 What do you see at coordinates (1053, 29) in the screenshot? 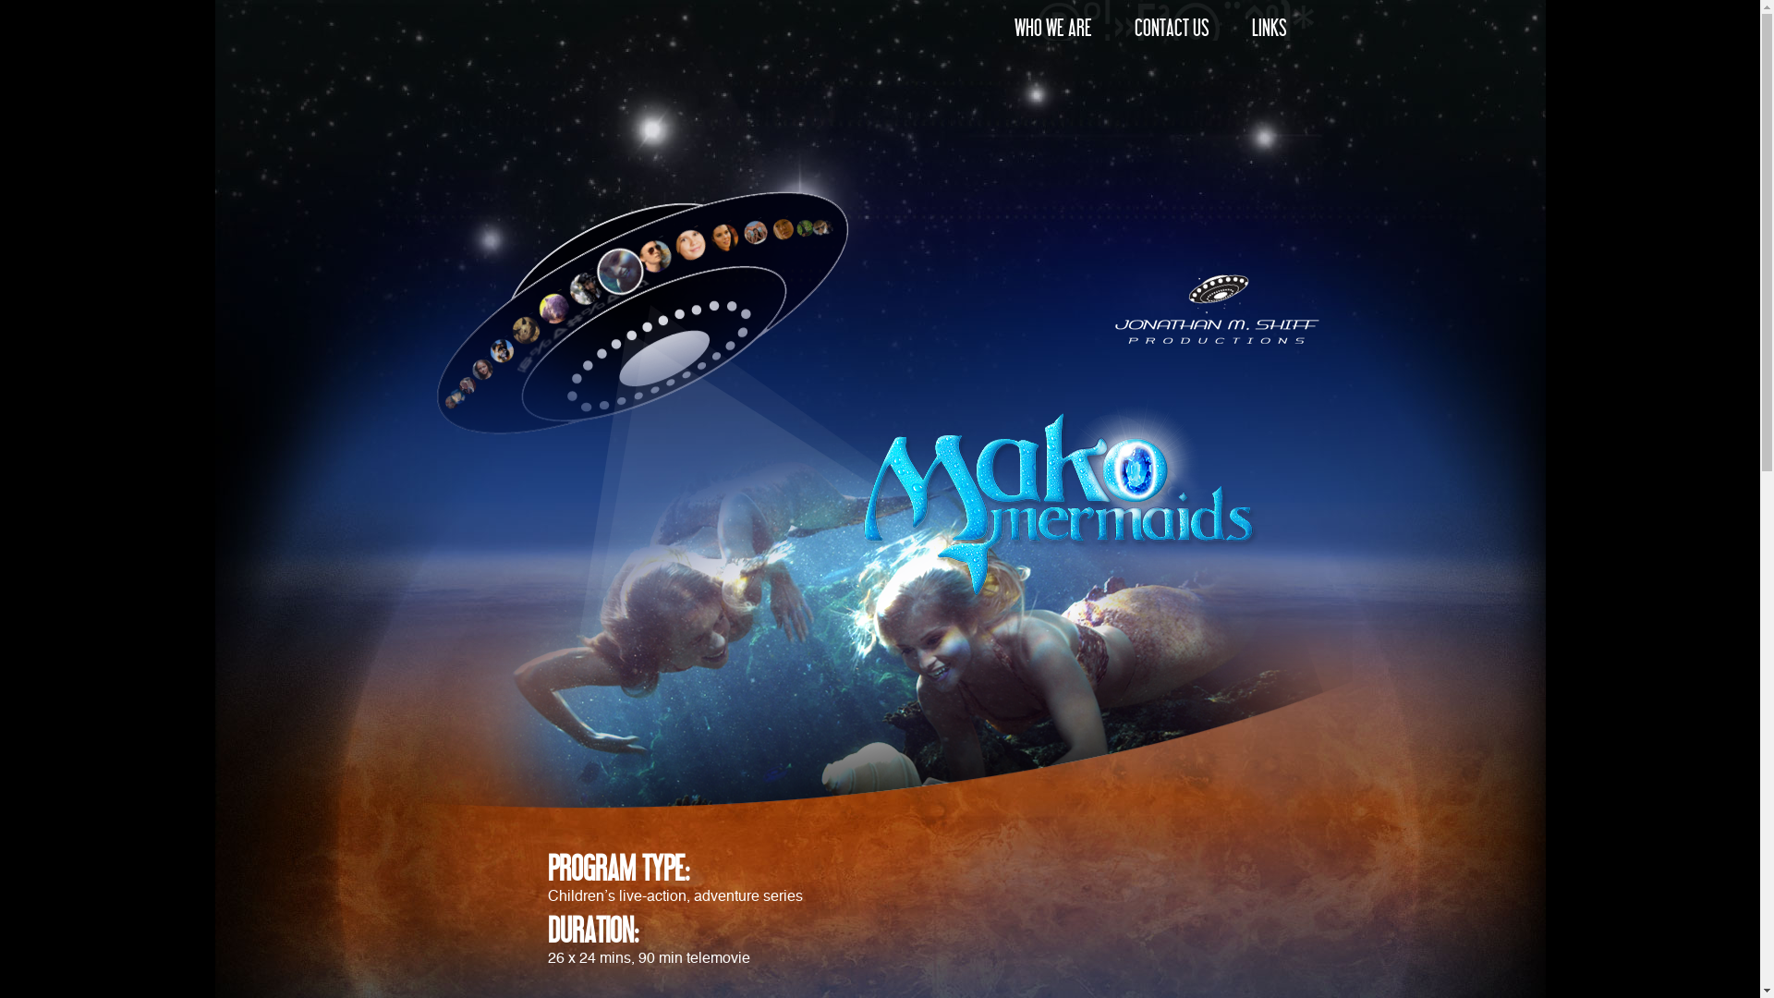
I see `'WHO WE ARE'` at bounding box center [1053, 29].